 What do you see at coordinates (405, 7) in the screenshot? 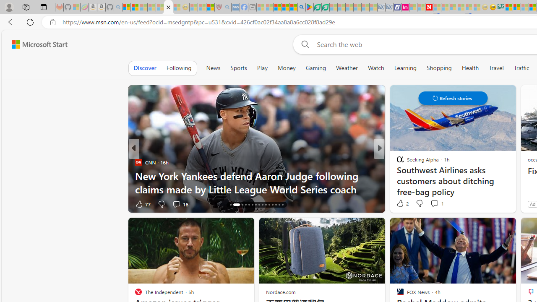
I see `'Jobs - lastminute.com Investor Portal'` at bounding box center [405, 7].